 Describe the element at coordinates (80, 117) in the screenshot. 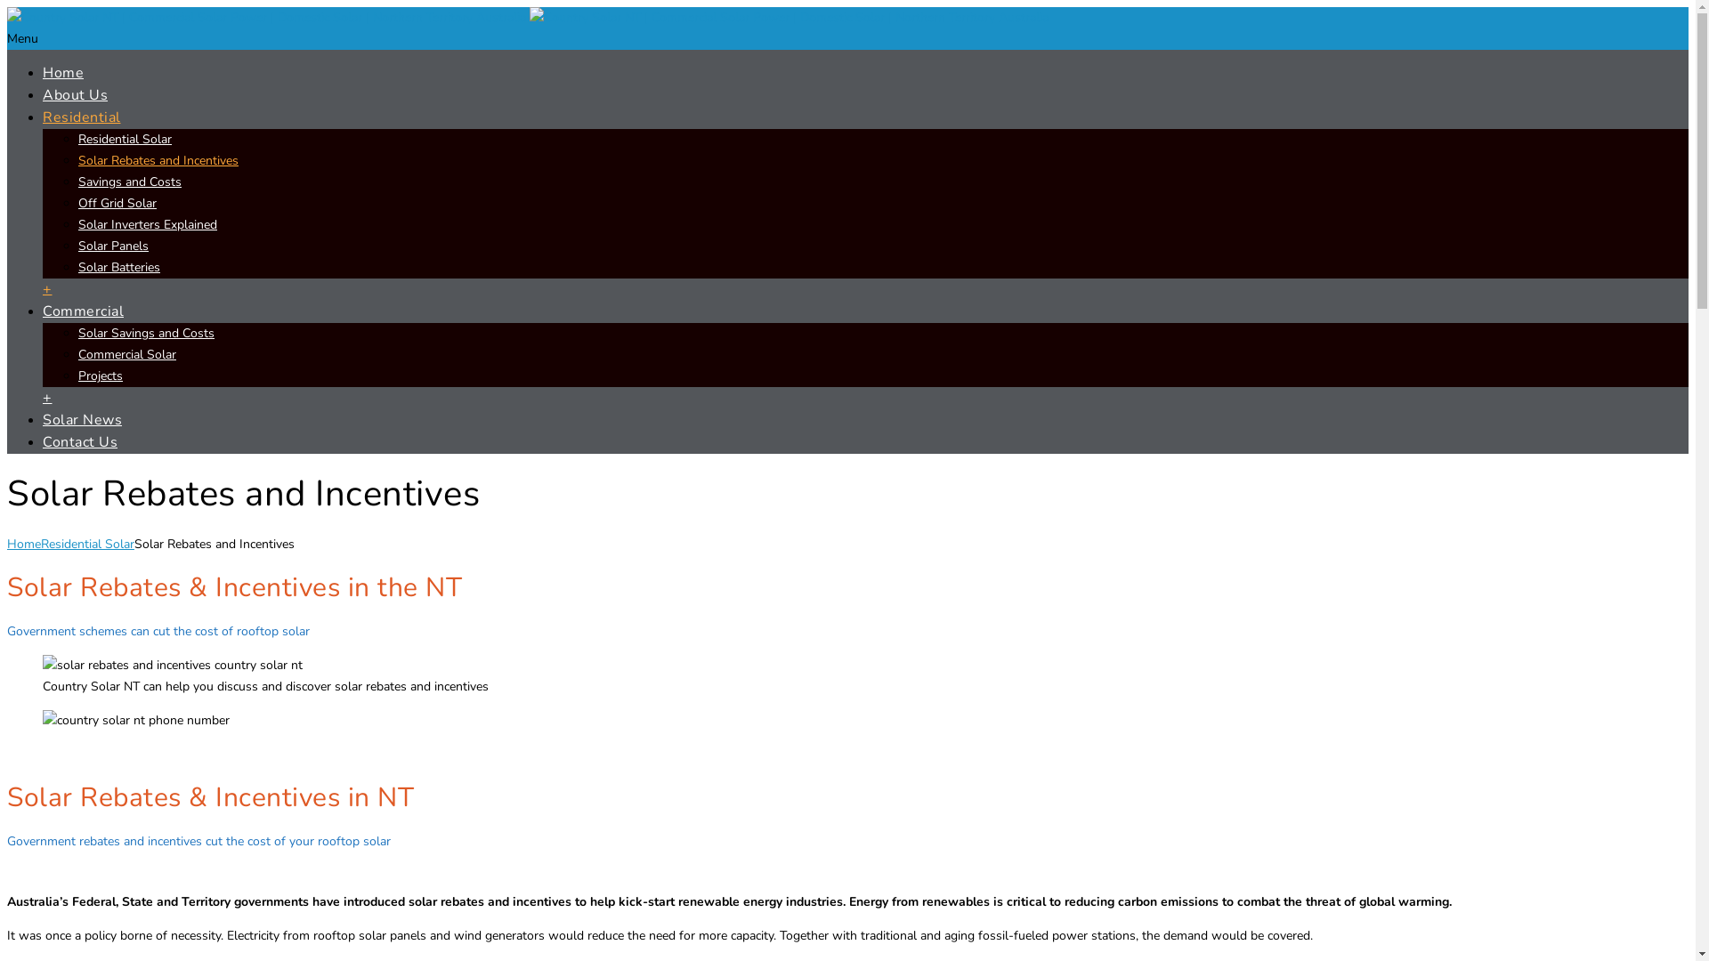

I see `'Residential'` at that location.